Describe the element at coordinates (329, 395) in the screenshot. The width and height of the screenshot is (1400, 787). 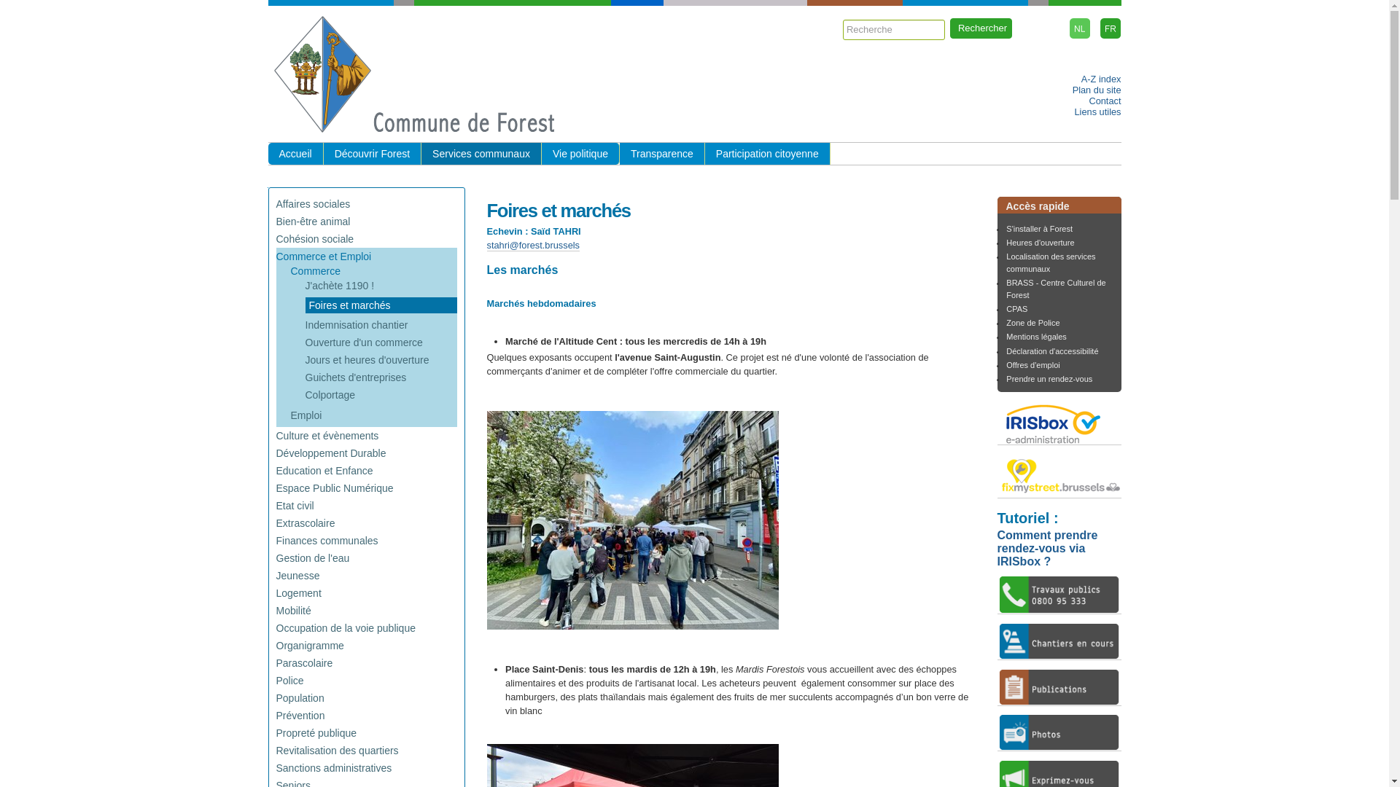
I see `'Colportage'` at that location.